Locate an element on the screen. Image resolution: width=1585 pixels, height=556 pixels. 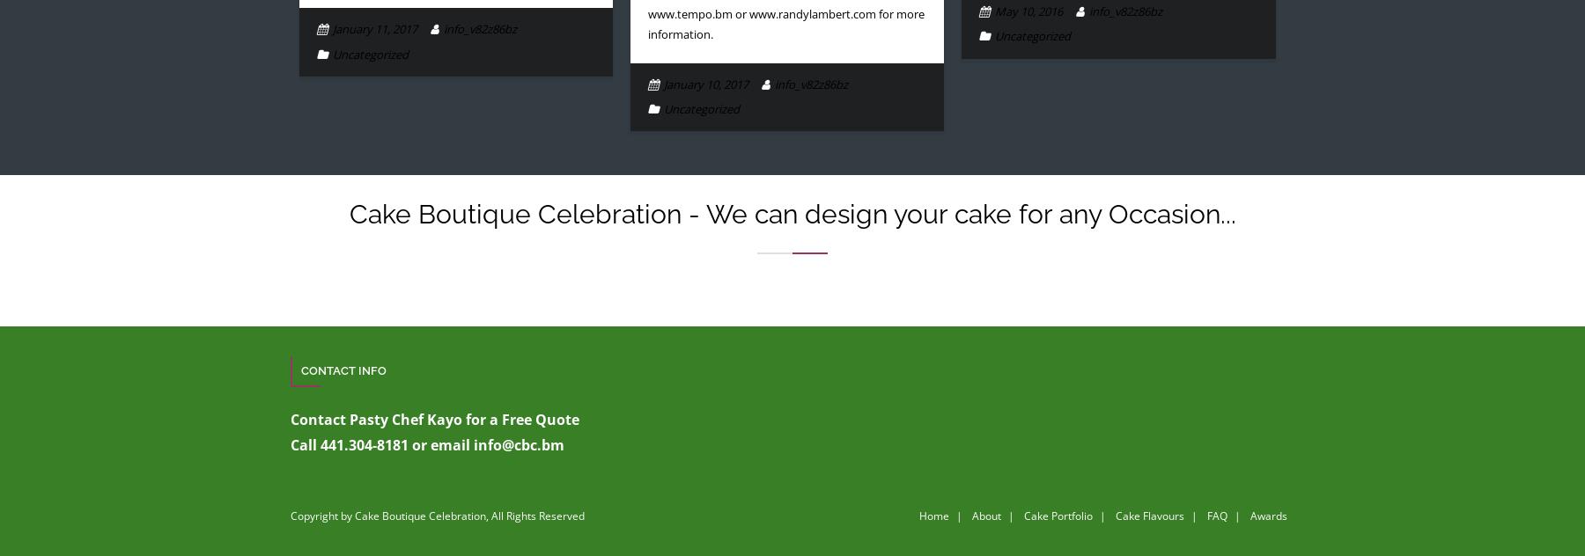
'Cake Flavours' is located at coordinates (1116, 515).